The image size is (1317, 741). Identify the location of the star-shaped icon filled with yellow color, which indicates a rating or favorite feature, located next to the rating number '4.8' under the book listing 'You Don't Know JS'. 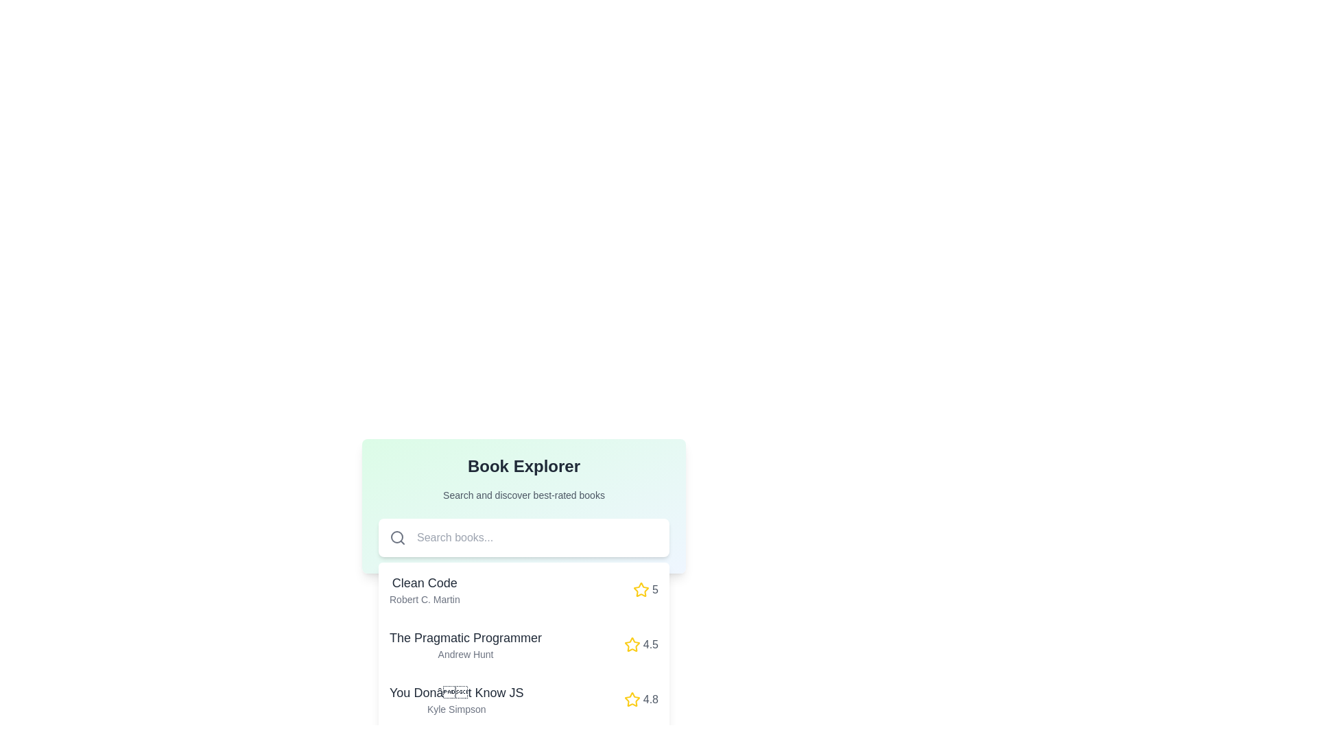
(631, 699).